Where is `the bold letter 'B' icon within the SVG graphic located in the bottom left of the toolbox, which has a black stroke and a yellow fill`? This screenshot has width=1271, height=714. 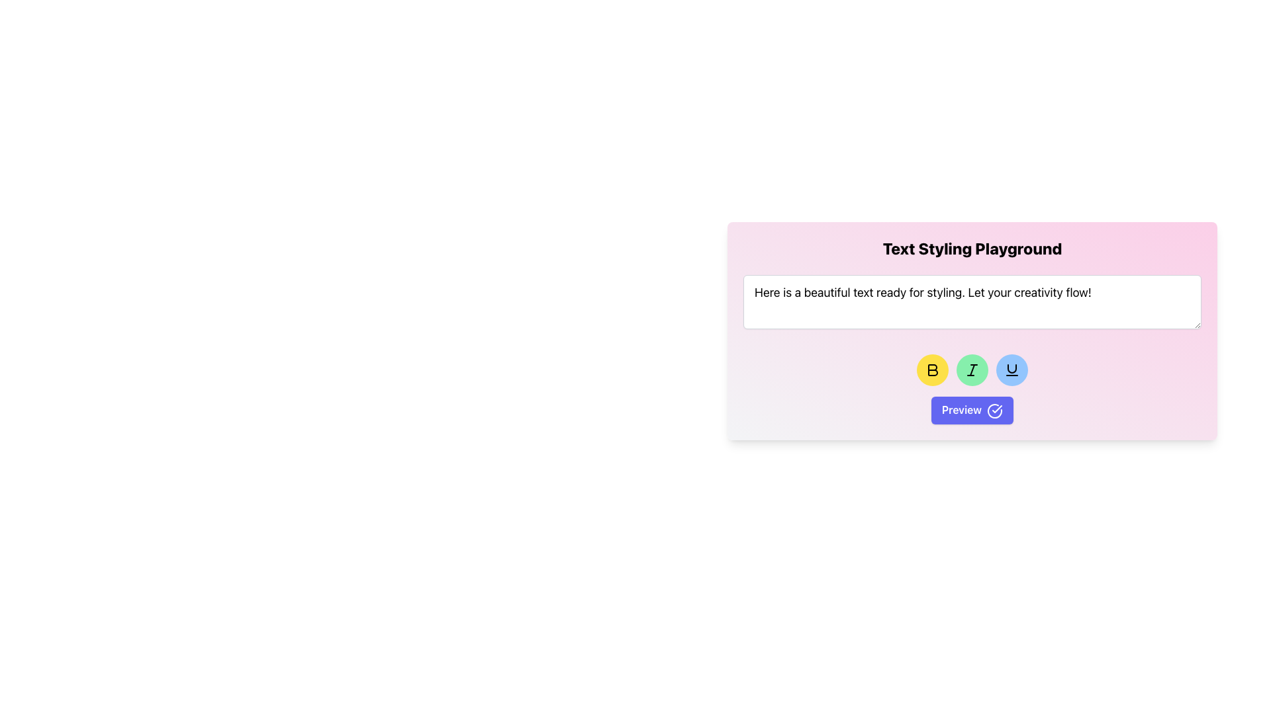 the bold letter 'B' icon within the SVG graphic located in the bottom left of the toolbox, which has a black stroke and a yellow fill is located at coordinates (932, 370).